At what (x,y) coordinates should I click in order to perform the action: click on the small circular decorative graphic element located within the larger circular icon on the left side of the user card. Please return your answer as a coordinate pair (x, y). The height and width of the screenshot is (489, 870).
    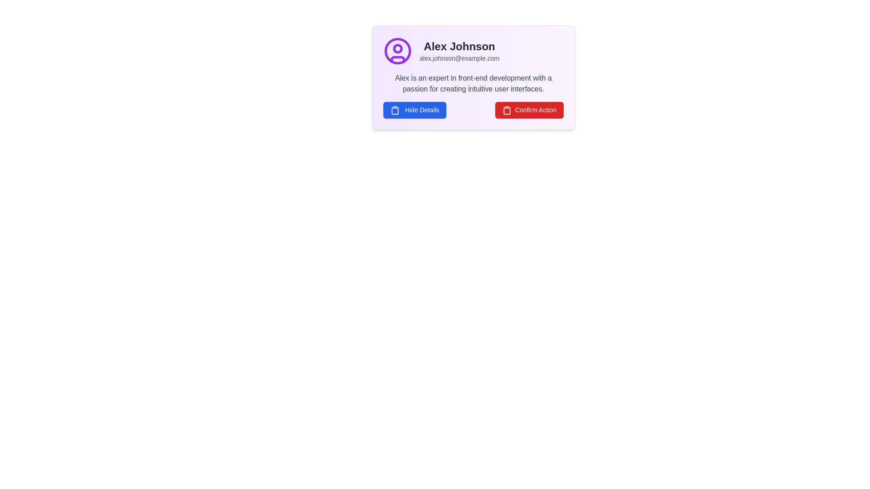
    Looking at the image, I should click on (398, 48).